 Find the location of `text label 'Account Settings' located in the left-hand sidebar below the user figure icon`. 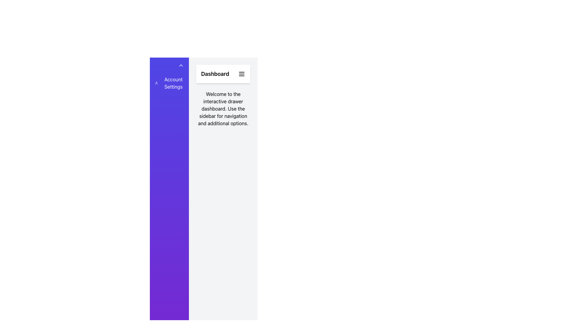

text label 'Account Settings' located in the left-hand sidebar below the user figure icon is located at coordinates (173, 83).